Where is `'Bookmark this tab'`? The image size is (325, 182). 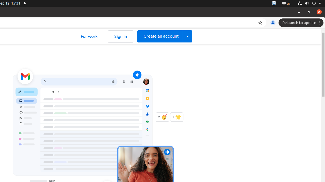
'Bookmark this tab' is located at coordinates (260, 23).